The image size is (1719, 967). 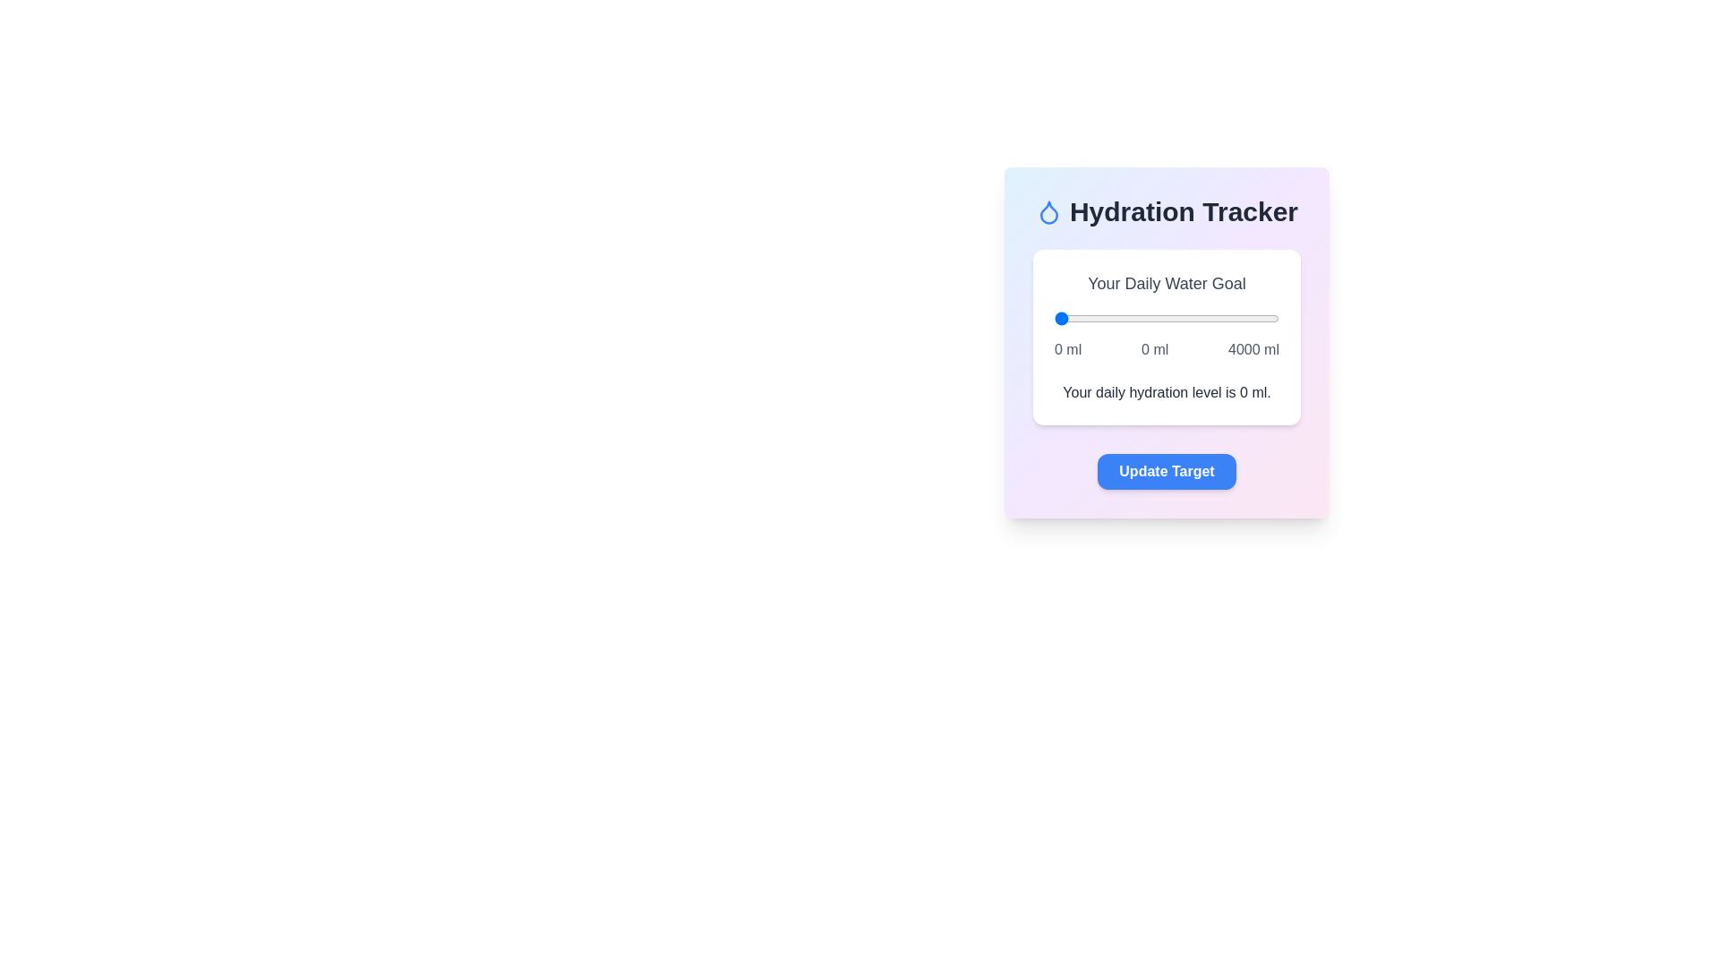 I want to click on the water intake slider to 2074 ml, so click(x=1171, y=317).